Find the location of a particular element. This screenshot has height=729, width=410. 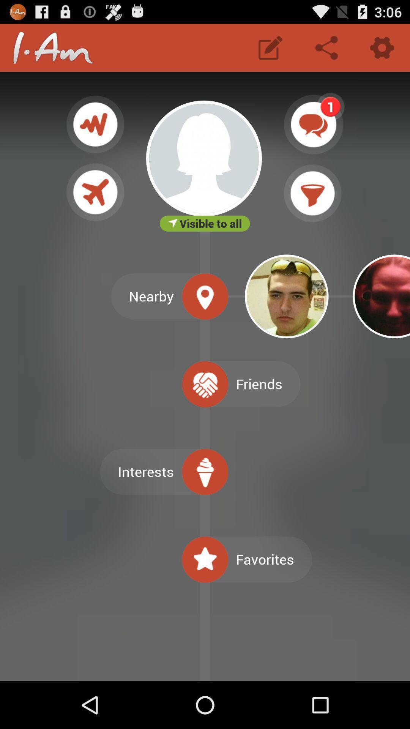

the filter icon is located at coordinates (312, 207).